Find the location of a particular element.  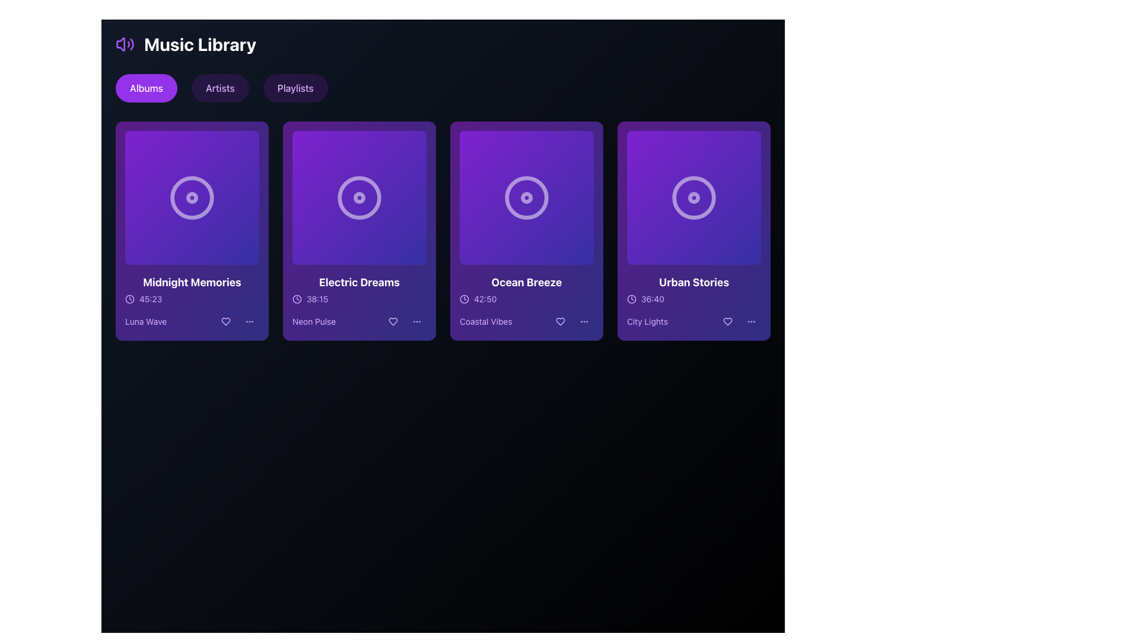

text label located at the bottom of the fourth card in a horizontally arranged grid layout, following 'Ocean Breeze' is located at coordinates (694, 283).